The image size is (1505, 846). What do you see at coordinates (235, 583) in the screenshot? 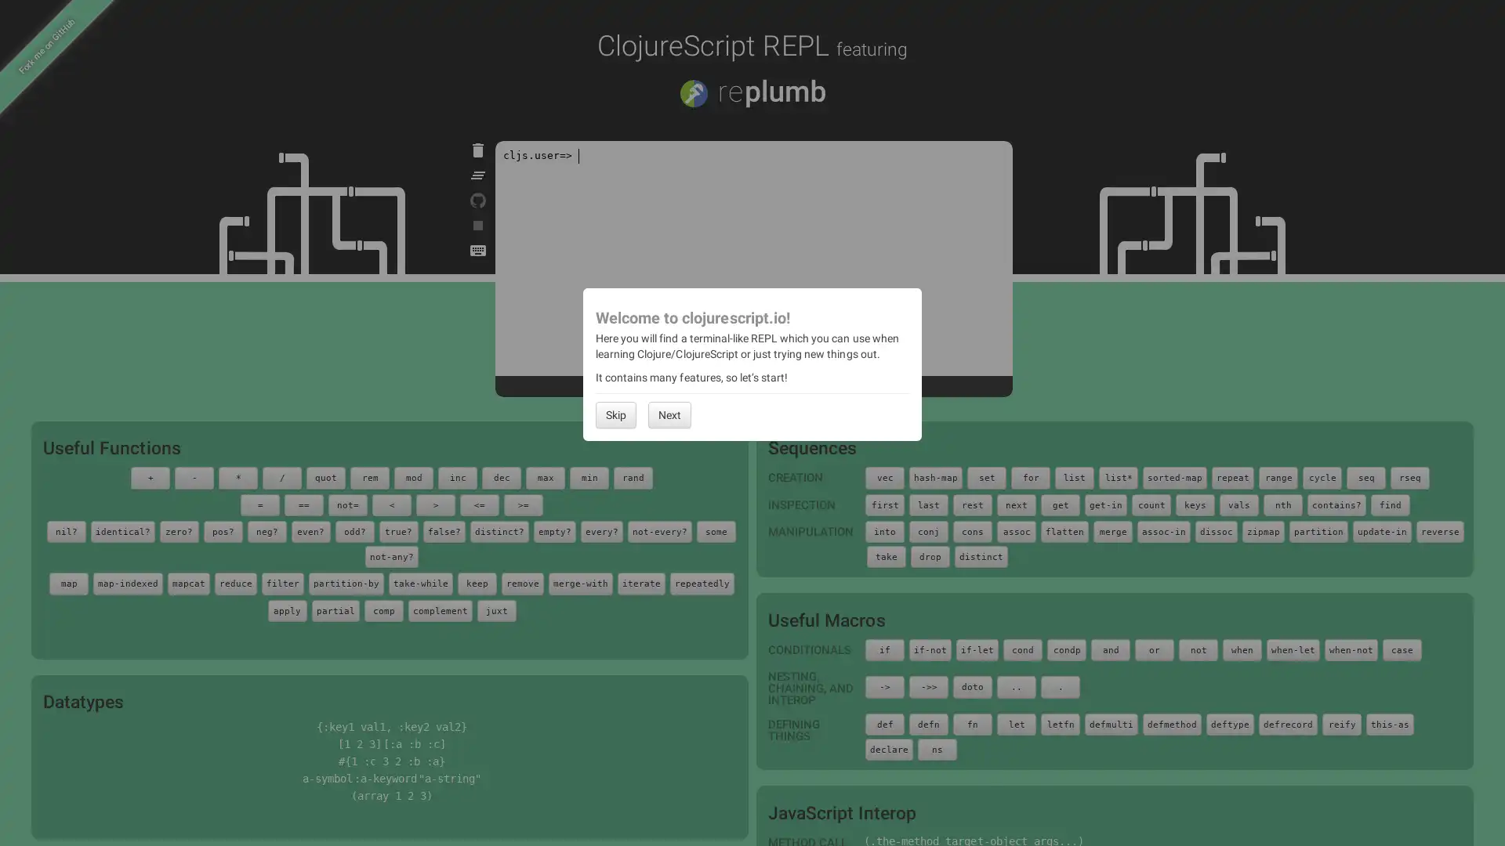
I see `reduce` at bounding box center [235, 583].